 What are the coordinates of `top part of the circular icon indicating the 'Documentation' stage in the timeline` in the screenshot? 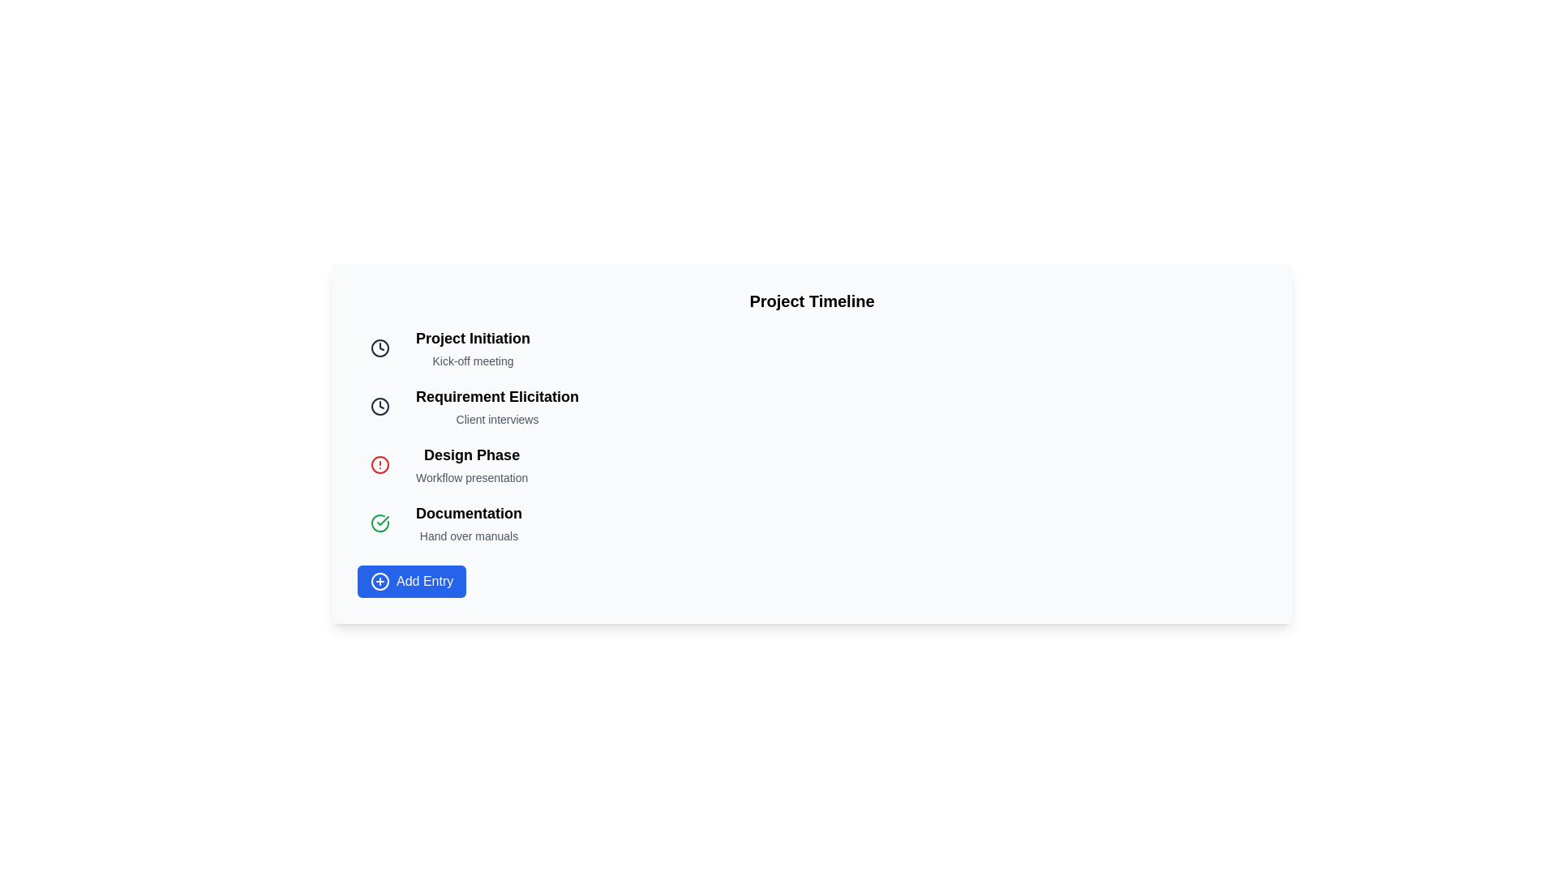 It's located at (380, 523).